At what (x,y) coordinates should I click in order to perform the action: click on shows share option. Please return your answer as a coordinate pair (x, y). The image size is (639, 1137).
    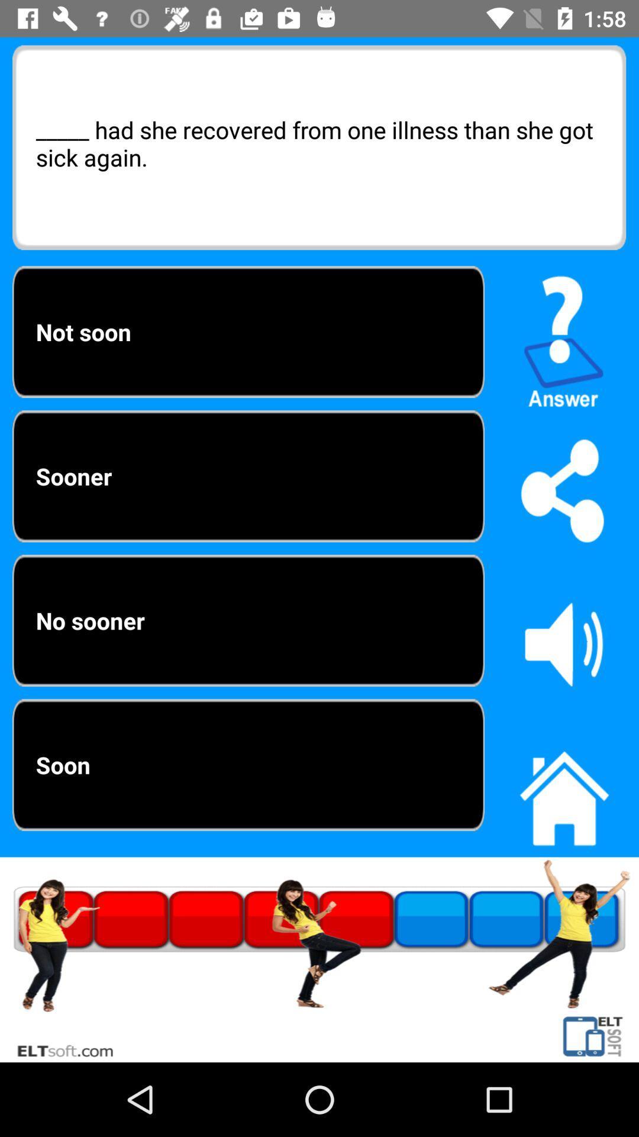
    Looking at the image, I should click on (563, 490).